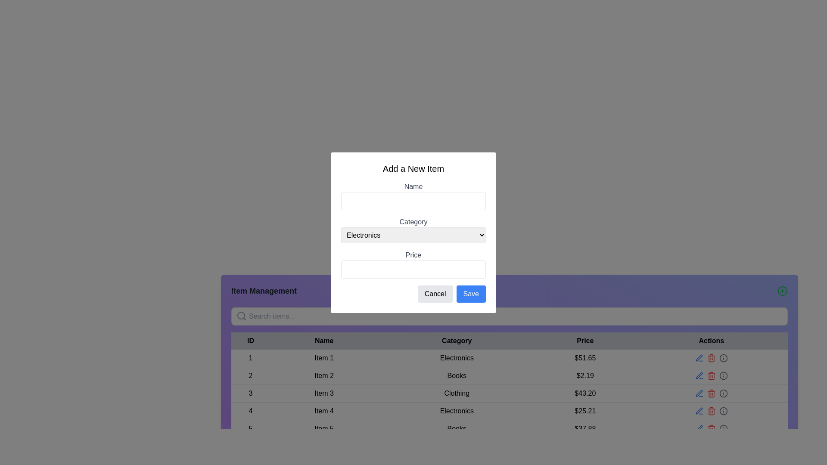 This screenshot has height=465, width=827. I want to click on the text label reading 'Category', which is styled in gray and positioned above the 'Electronics' dropdown menu in the center of the form overlay, so click(413, 221).